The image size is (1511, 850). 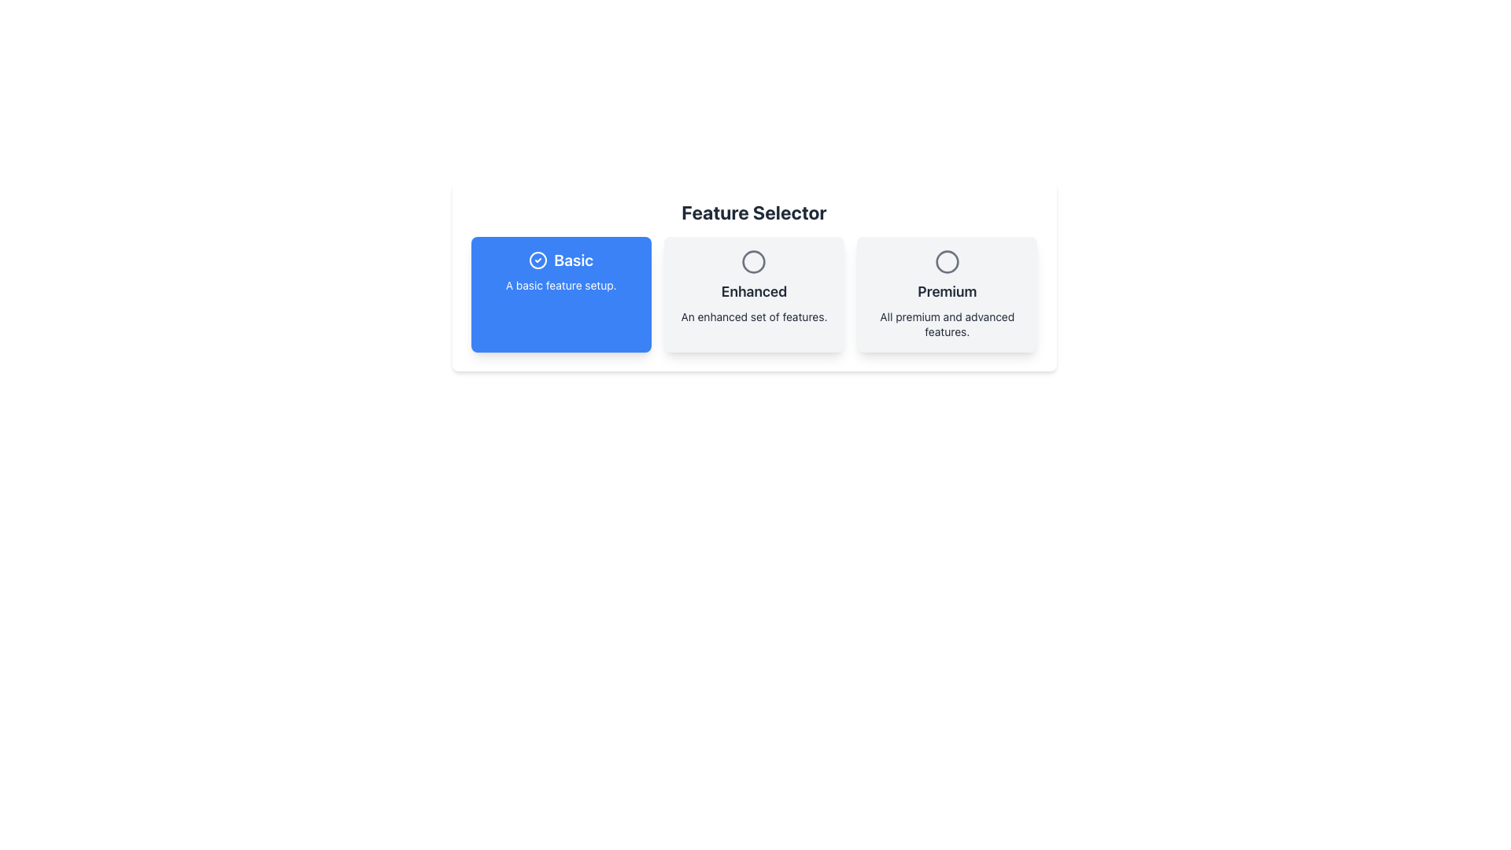 What do you see at coordinates (753, 261) in the screenshot?
I see `the circular icon with a central dot, located in the 'Enhanced' option of the feature selection group` at bounding box center [753, 261].